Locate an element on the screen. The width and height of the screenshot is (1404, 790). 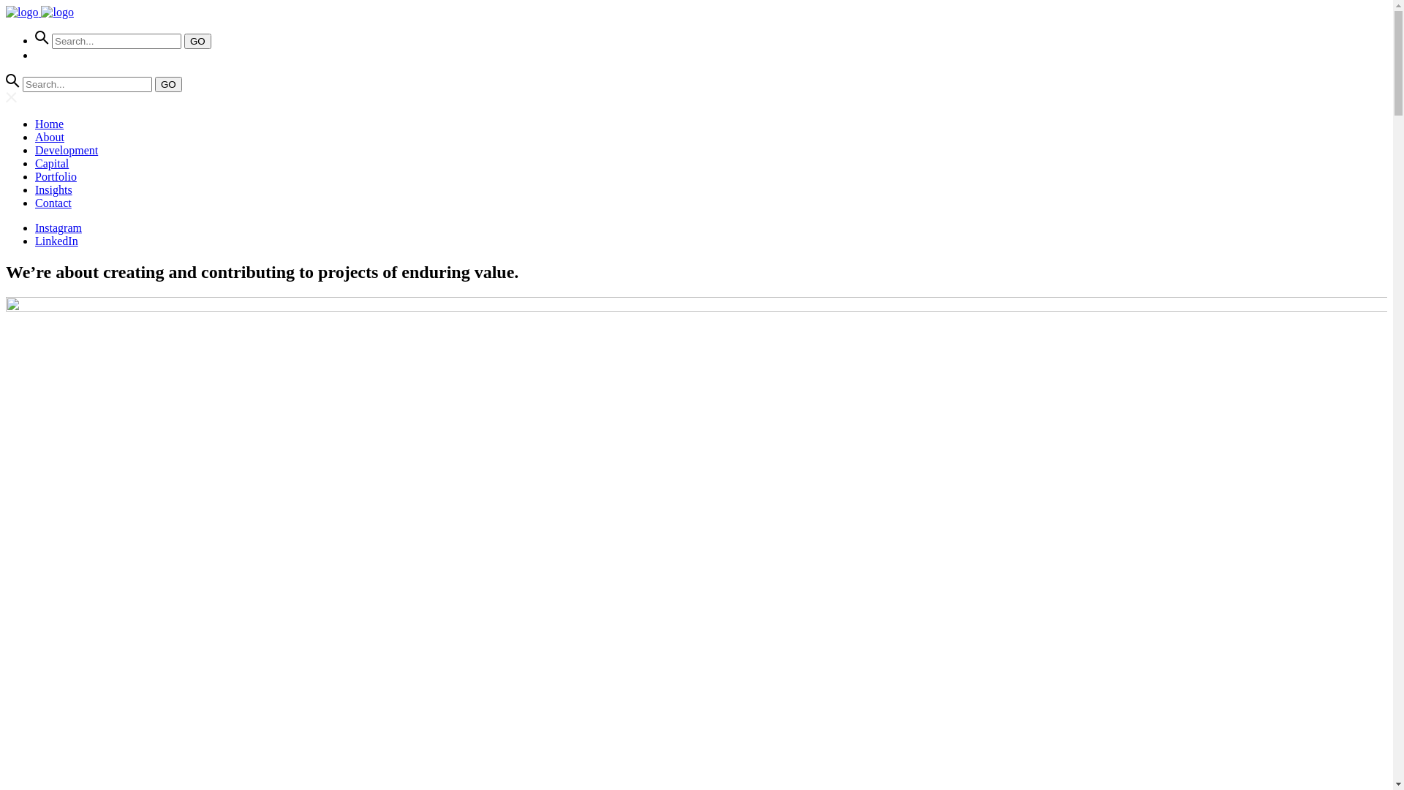
'Insights' is located at coordinates (53, 189).